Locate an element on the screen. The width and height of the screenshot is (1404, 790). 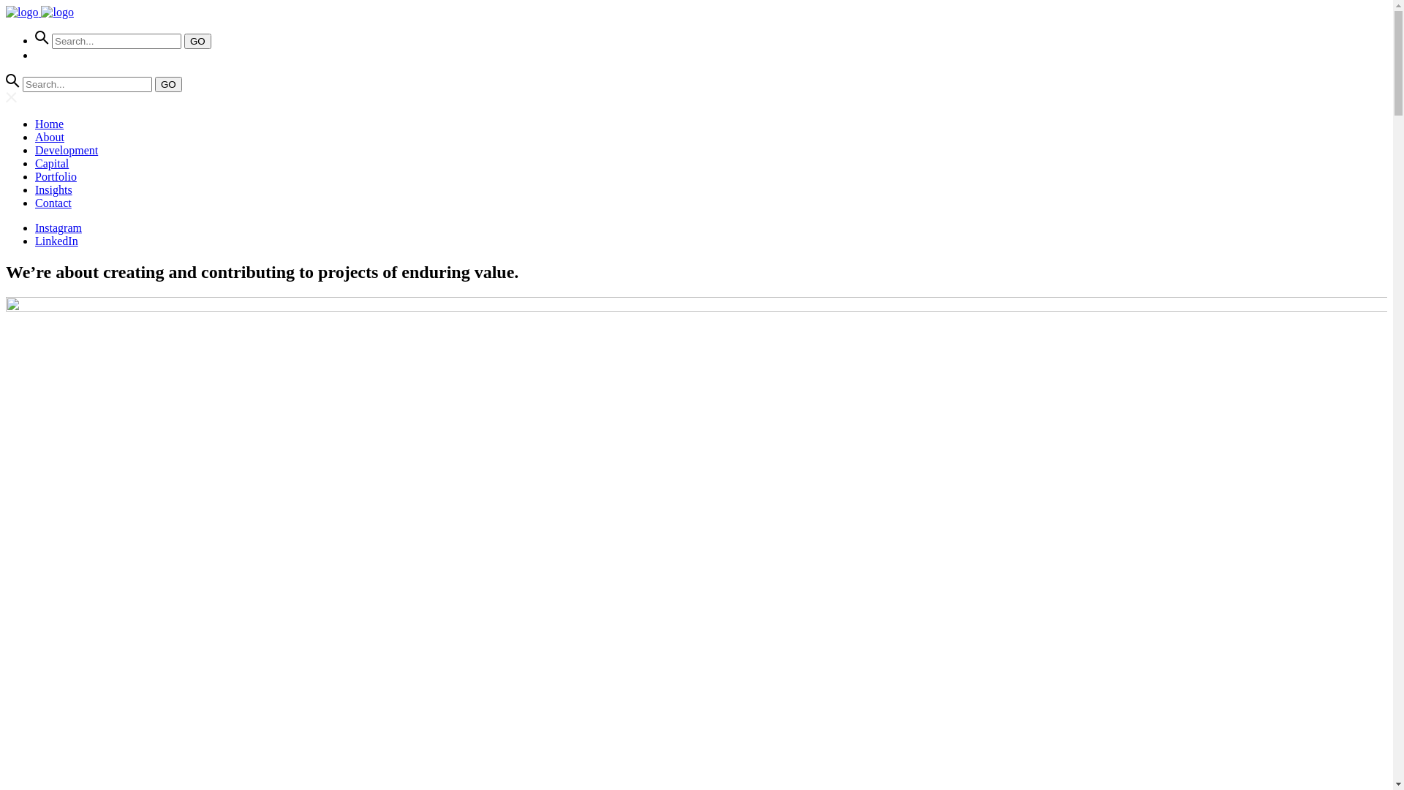
'Insights' is located at coordinates (53, 189).